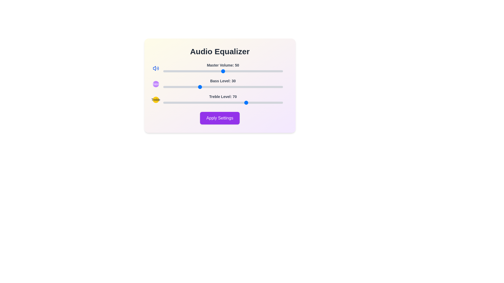 This screenshot has height=283, width=504. Describe the element at coordinates (223, 100) in the screenshot. I see `and drag the blue knob of the treble audio level range slider located in the 'Treble' group, which is positioned below 'Bass Level: 30' and above the 'Apply Settings' button` at that location.